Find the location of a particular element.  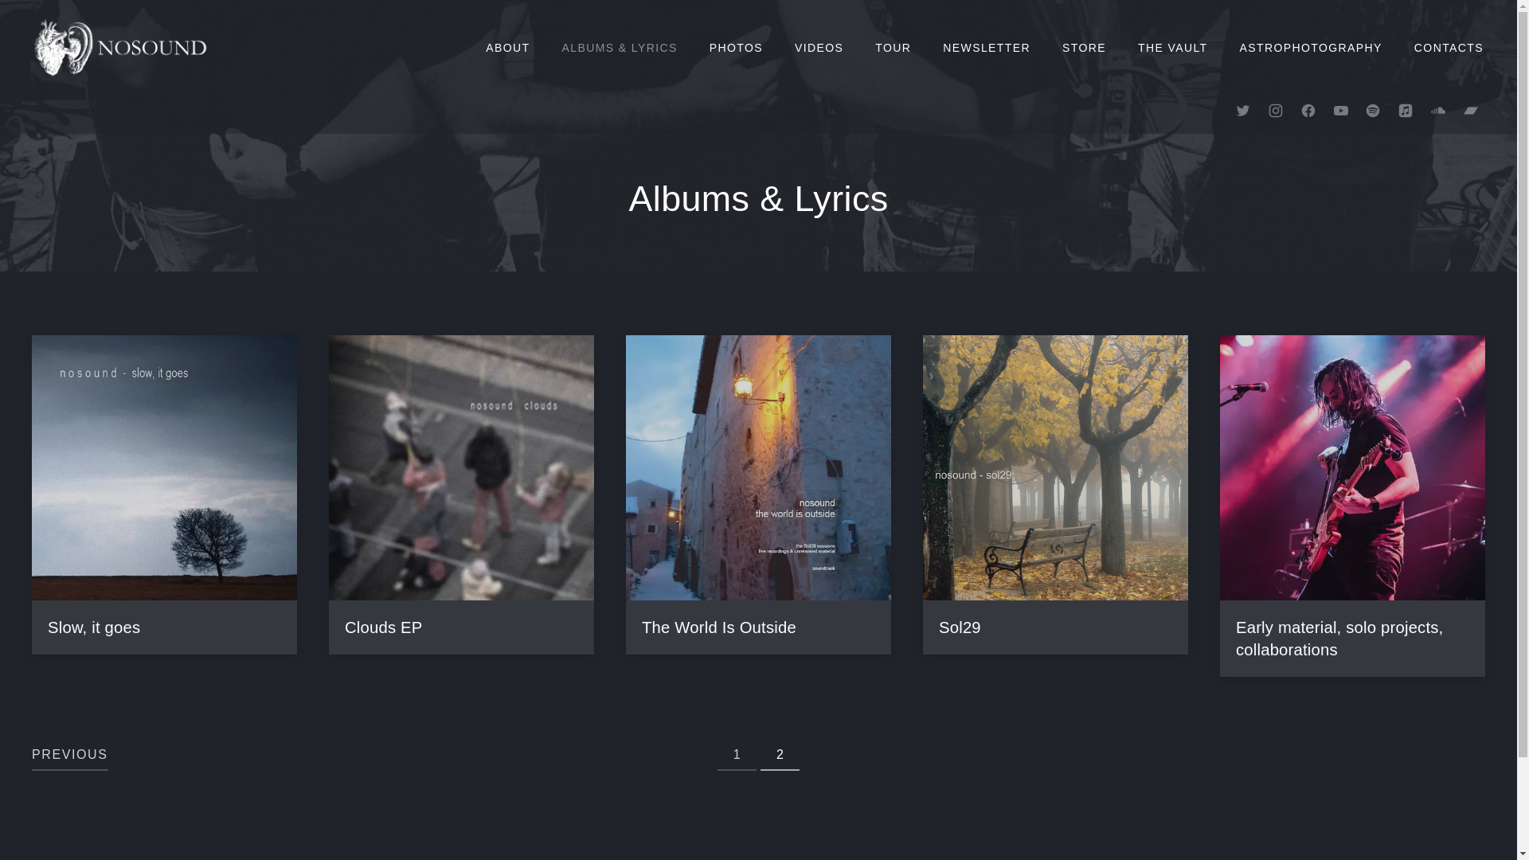

'STORE' is located at coordinates (1046, 47).